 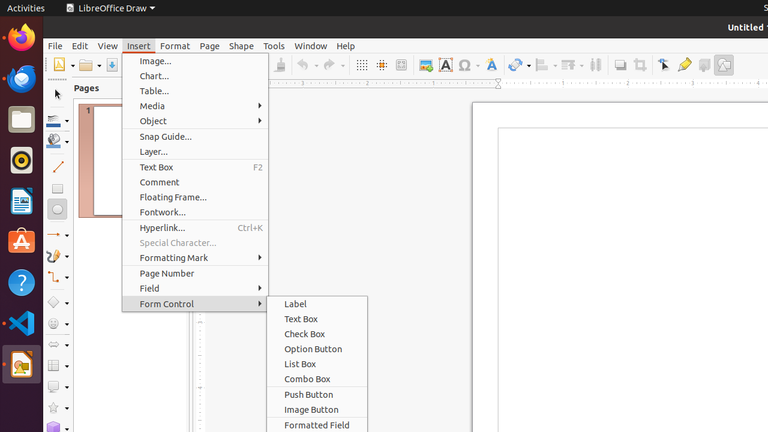 I want to click on 'Media', so click(x=195, y=105).